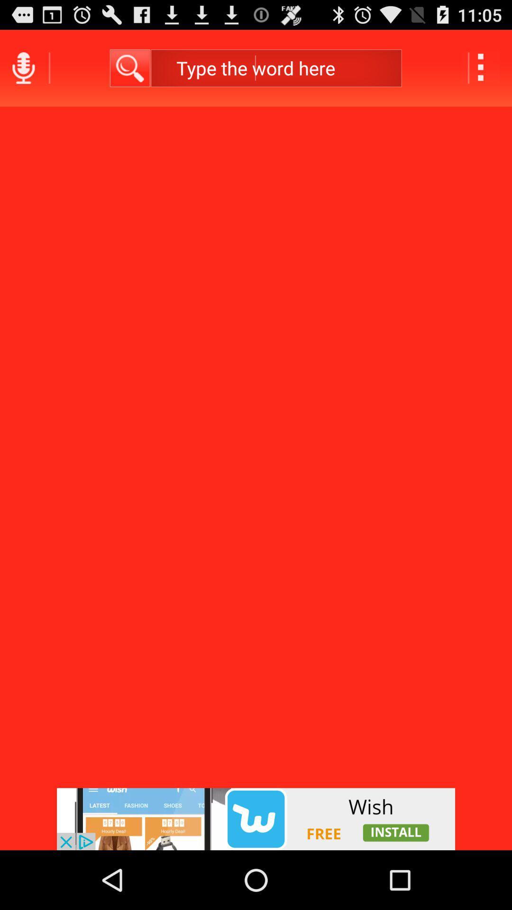  What do you see at coordinates (23, 67) in the screenshot?
I see `speech to text button` at bounding box center [23, 67].